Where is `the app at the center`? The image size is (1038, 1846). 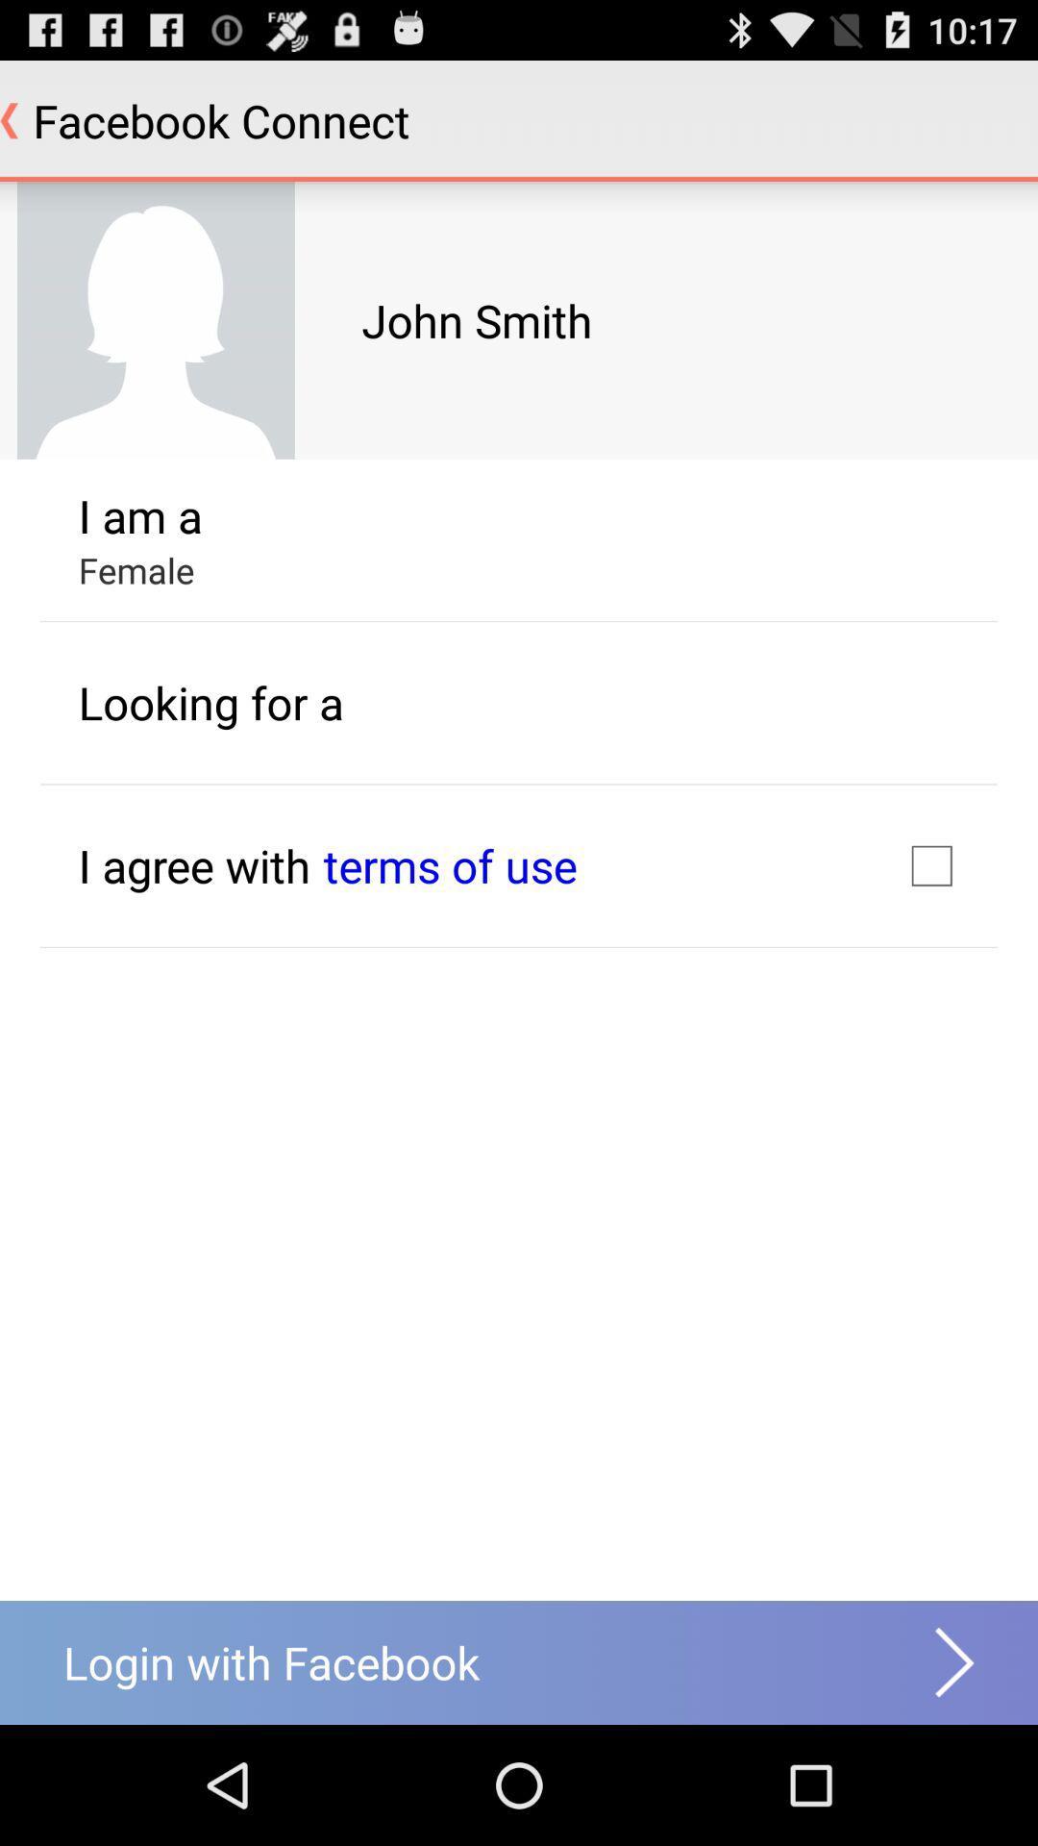 the app at the center is located at coordinates (450, 864).